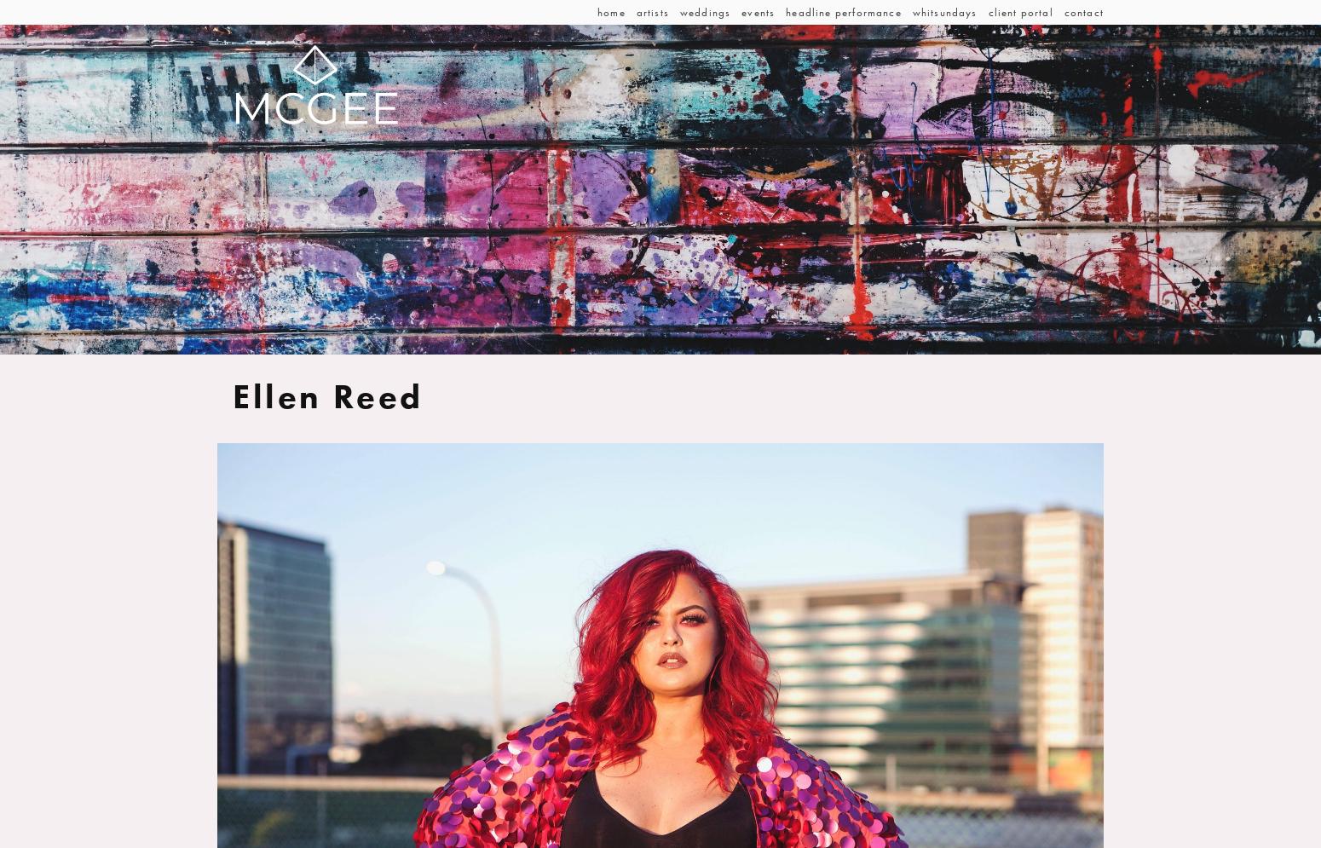 Image resolution: width=1321 pixels, height=848 pixels. Describe the element at coordinates (842, 12) in the screenshot. I see `'Headline Performance'` at that location.